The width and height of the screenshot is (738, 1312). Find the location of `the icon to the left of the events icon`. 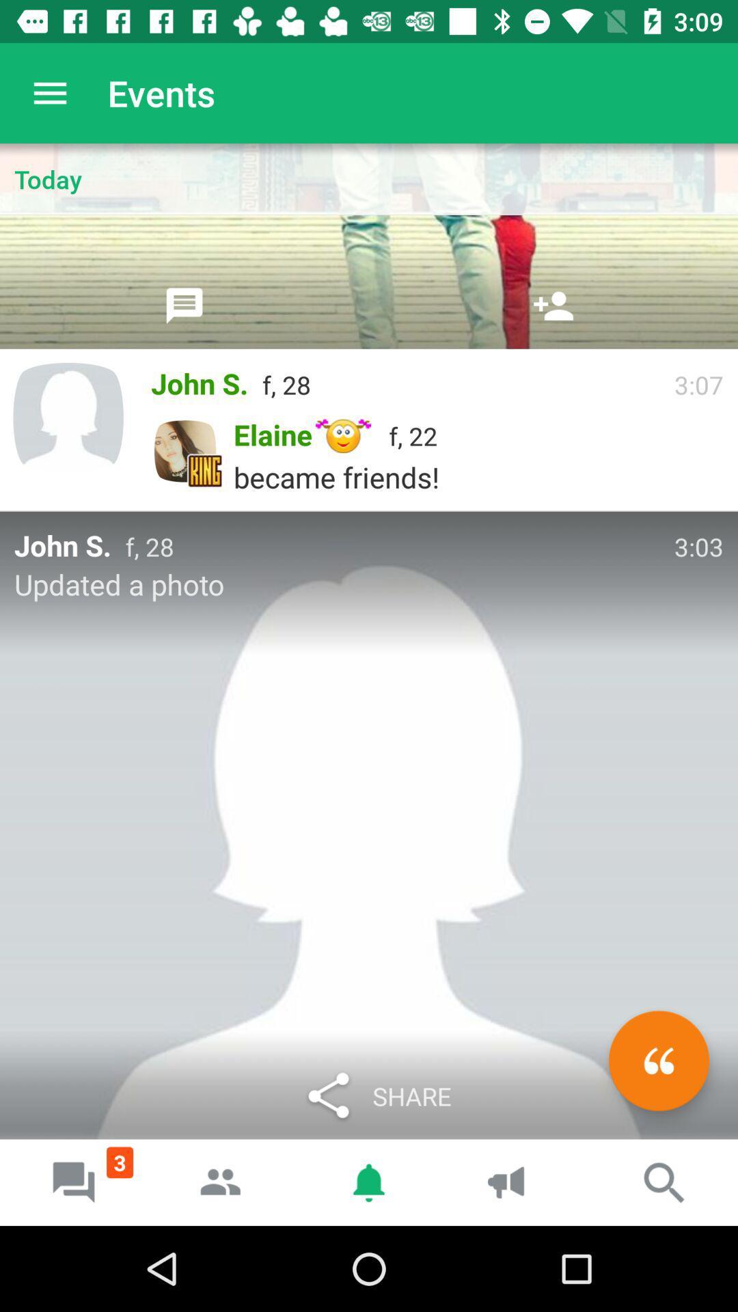

the icon to the left of the events icon is located at coordinates (49, 92).